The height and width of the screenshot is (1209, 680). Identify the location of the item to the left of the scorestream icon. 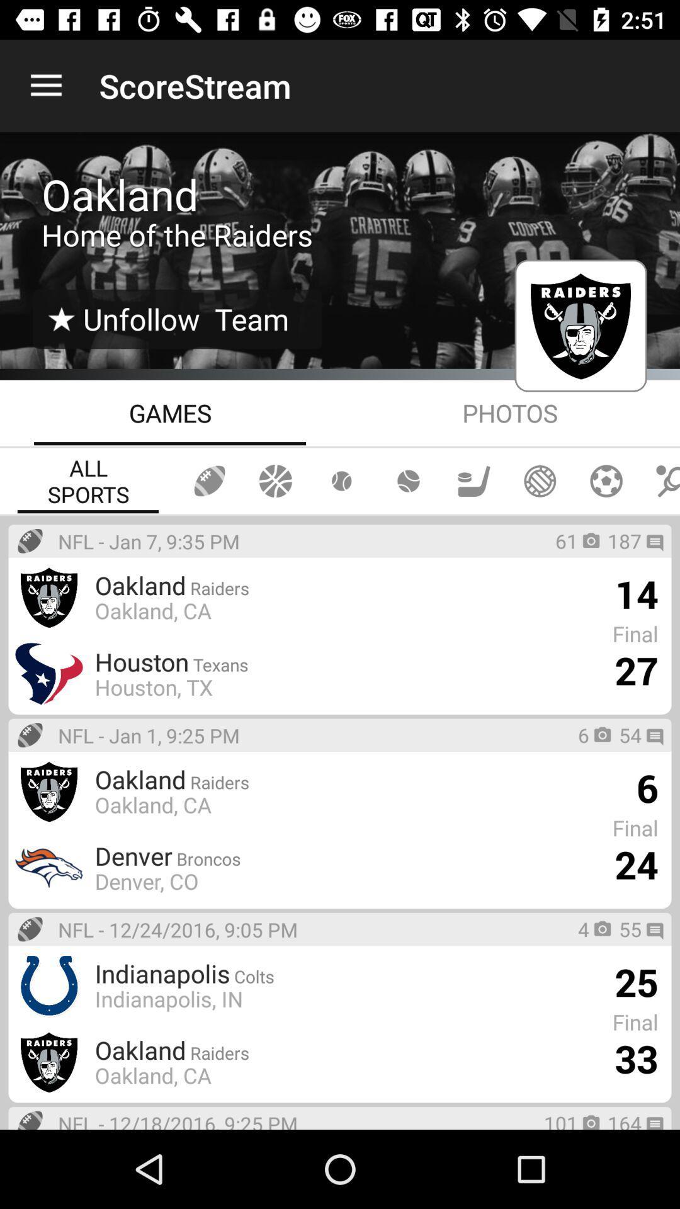
(45, 85).